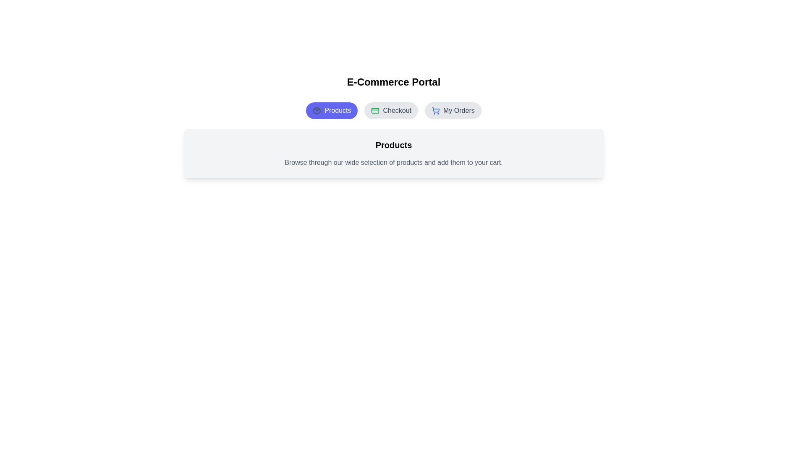  Describe the element at coordinates (331, 110) in the screenshot. I see `the tab Products by clicking its button` at that location.